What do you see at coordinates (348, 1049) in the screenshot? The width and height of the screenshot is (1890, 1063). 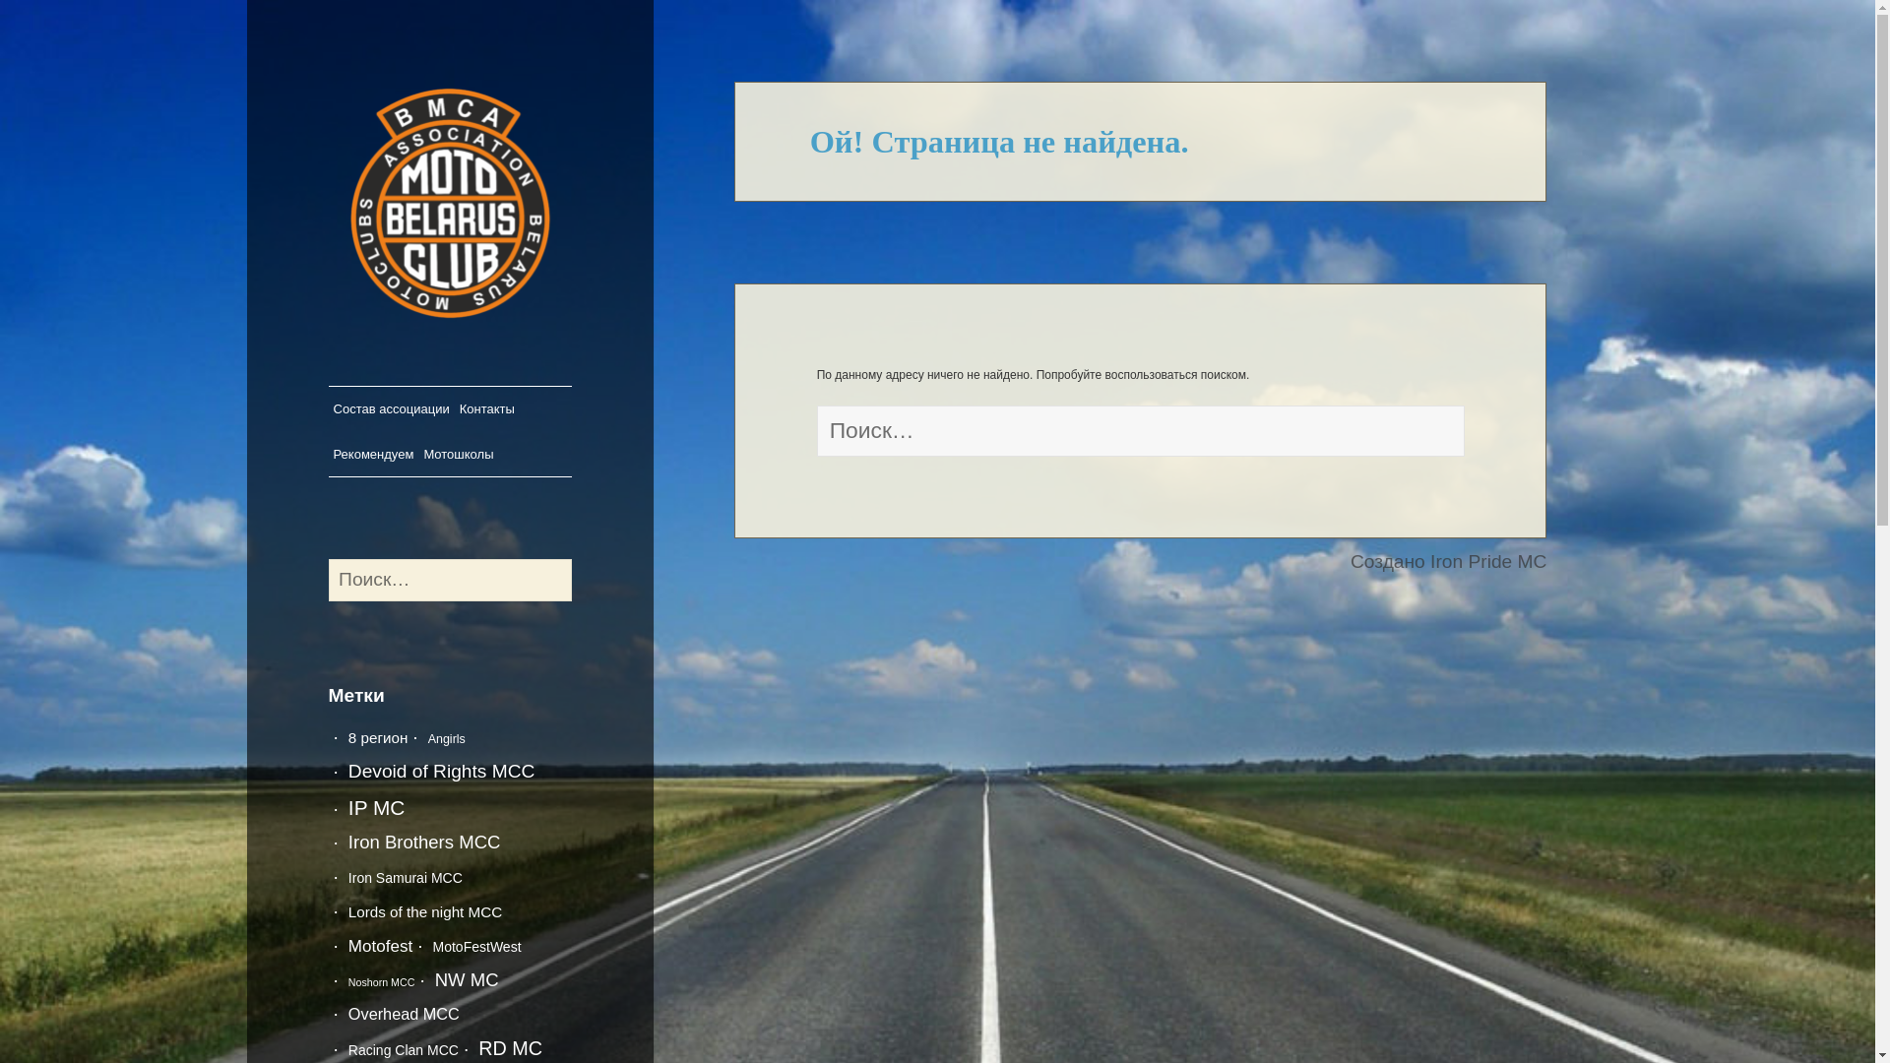 I see `'Racing Clan MCC'` at bounding box center [348, 1049].